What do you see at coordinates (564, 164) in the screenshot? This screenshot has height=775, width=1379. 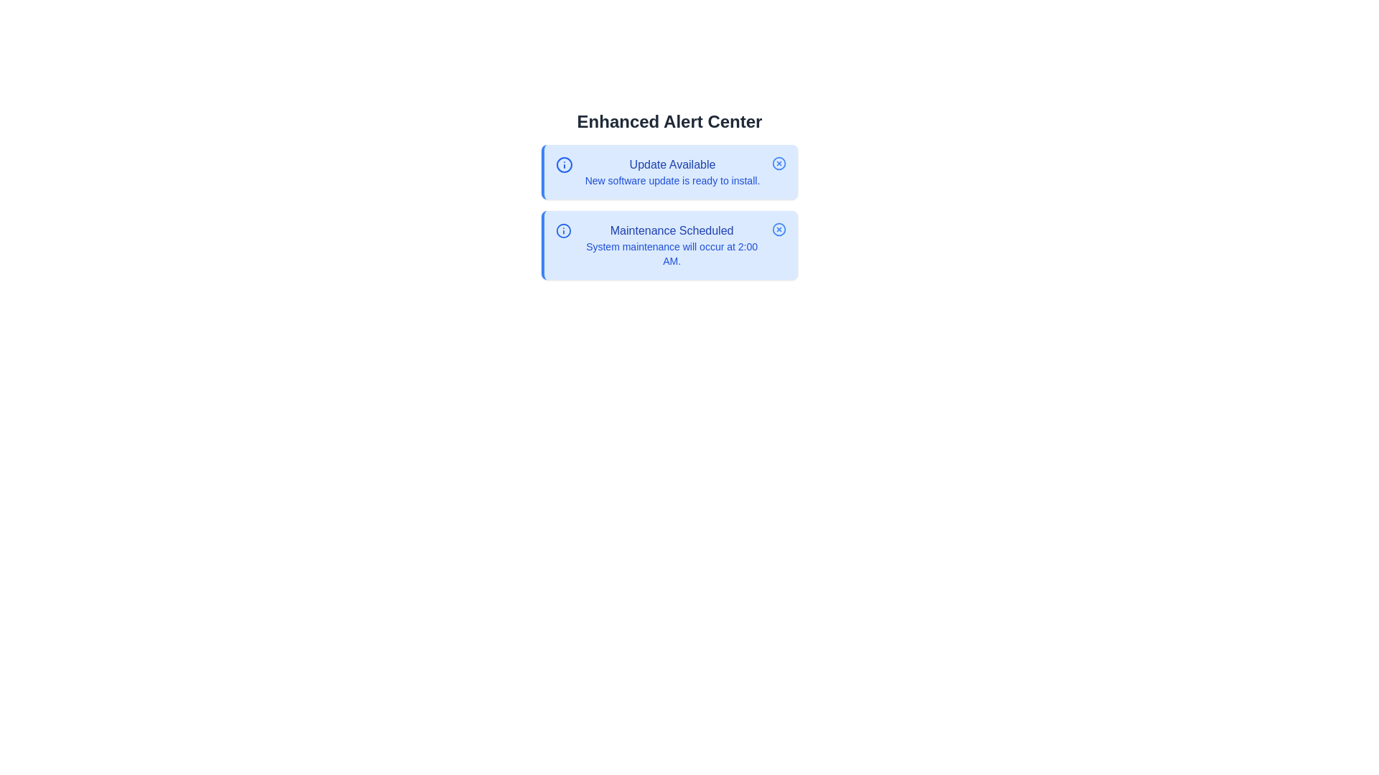 I see `the information icon to inspect it` at bounding box center [564, 164].